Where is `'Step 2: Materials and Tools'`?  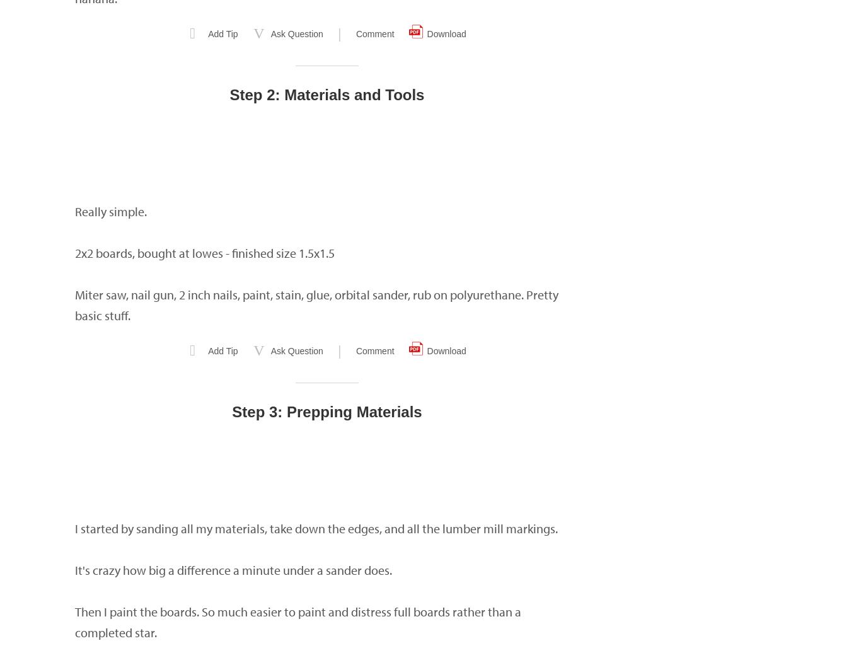
'Step 2: Materials and Tools' is located at coordinates (326, 95).